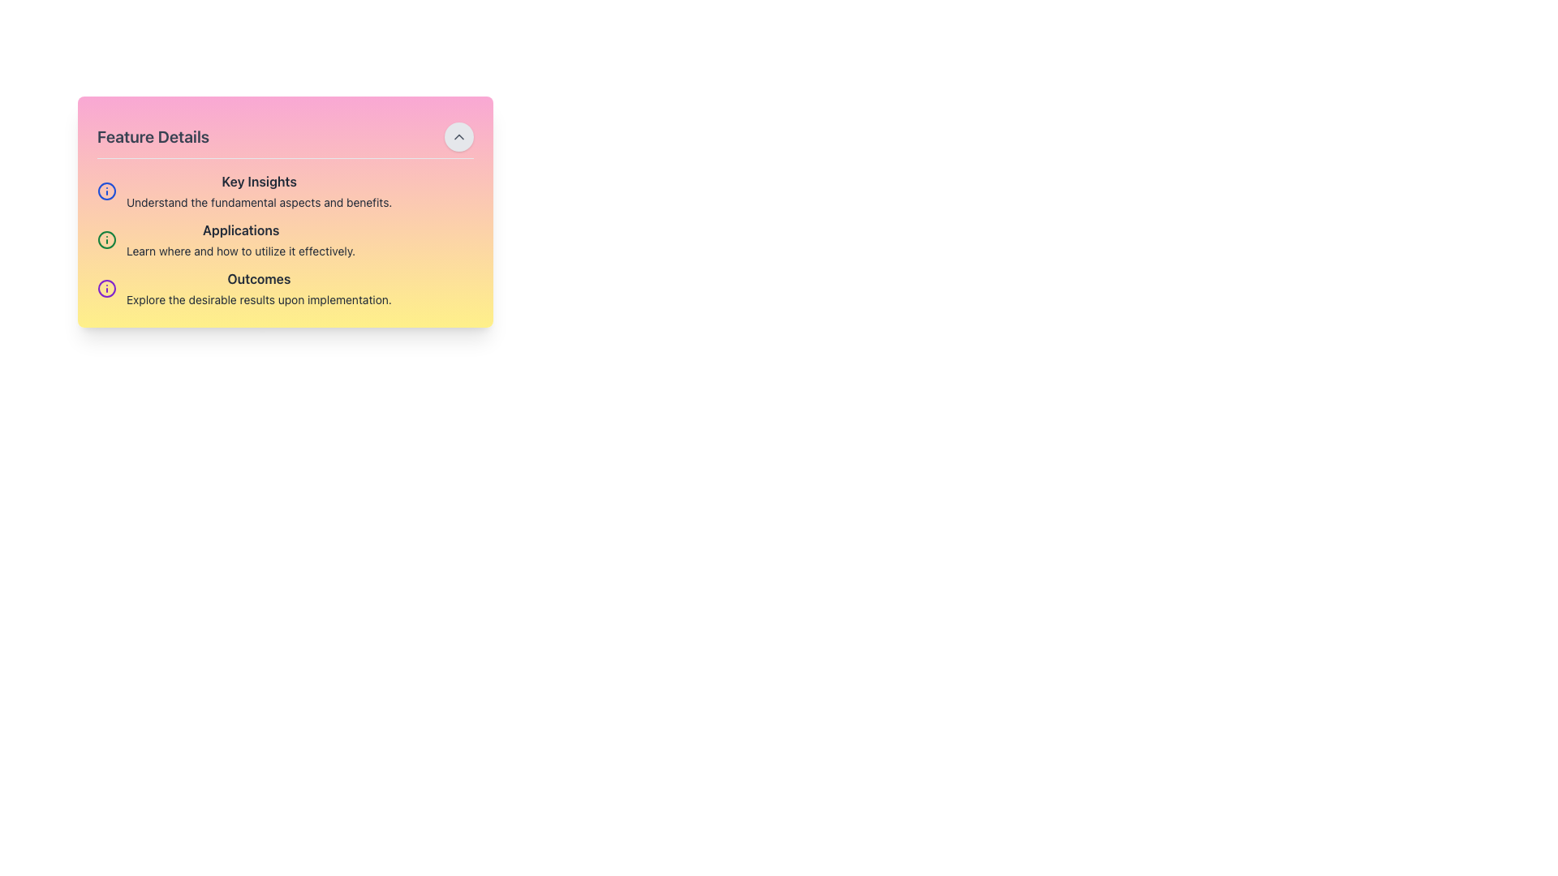  Describe the element at coordinates (240, 230) in the screenshot. I see `the Text Label that serves as a heading or title for the following descriptive text, located at the top-central portion of the sub-section` at that location.